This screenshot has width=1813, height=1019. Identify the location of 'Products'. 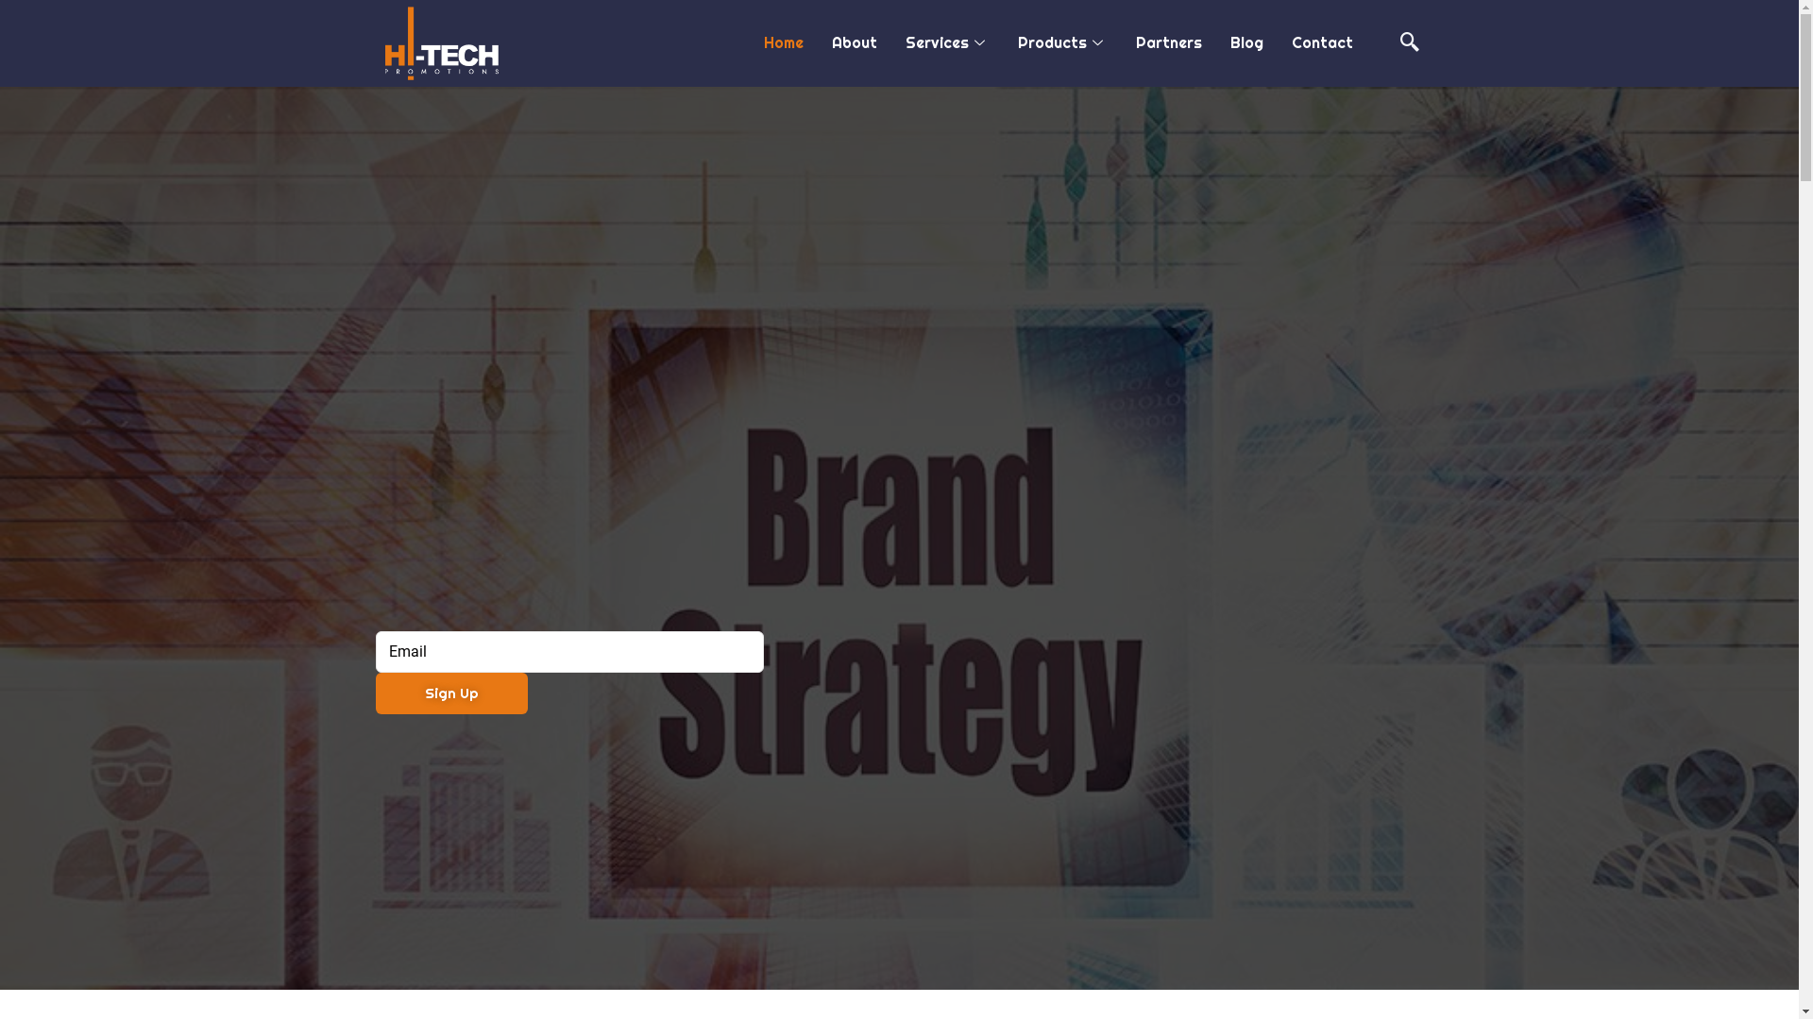
(1002, 42).